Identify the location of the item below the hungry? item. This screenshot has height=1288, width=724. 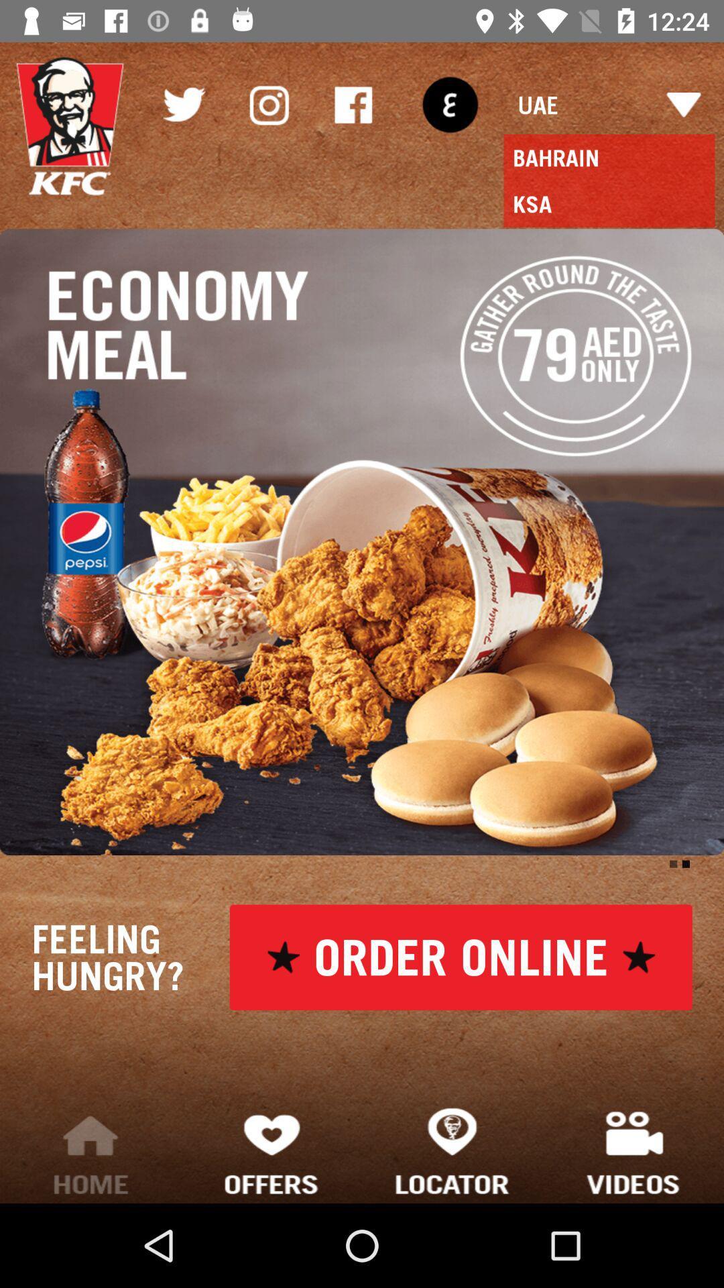
(90, 1150).